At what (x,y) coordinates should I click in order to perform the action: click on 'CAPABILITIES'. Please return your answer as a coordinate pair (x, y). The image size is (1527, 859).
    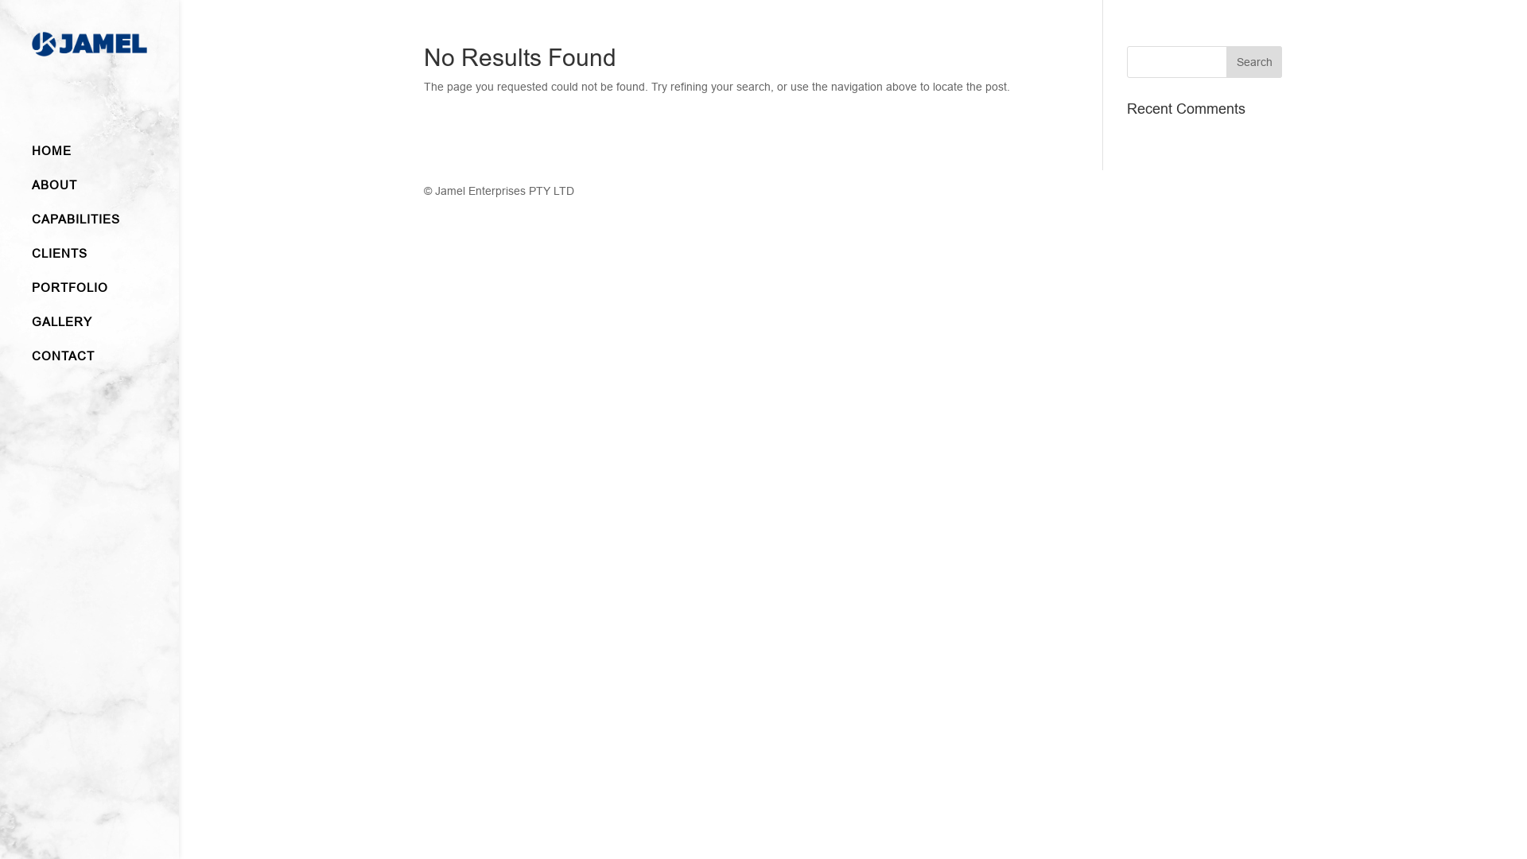
    Looking at the image, I should click on (104, 227).